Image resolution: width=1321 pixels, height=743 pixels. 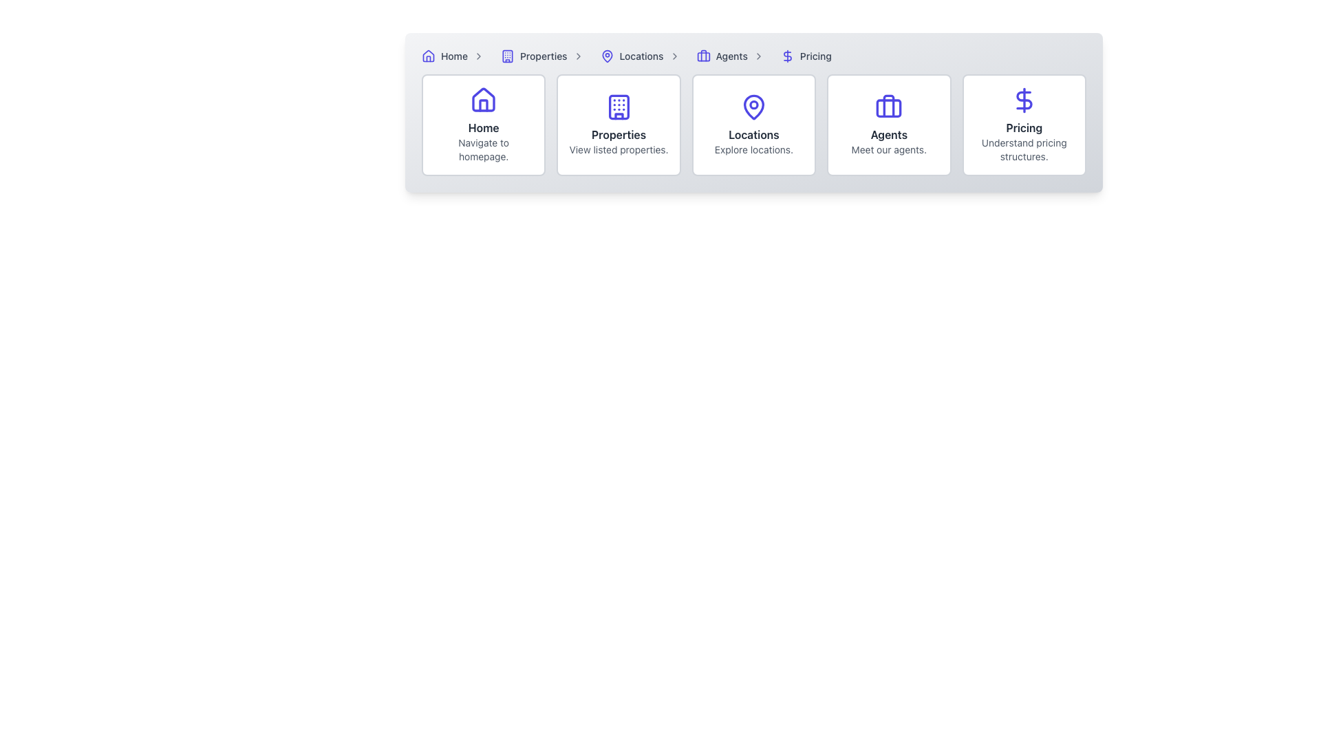 What do you see at coordinates (758, 55) in the screenshot?
I see `the breadcrumb navigation icon located to the right of the 'Agents' link` at bounding box center [758, 55].